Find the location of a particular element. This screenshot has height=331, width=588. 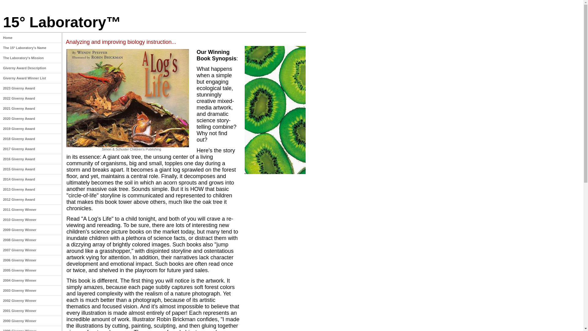

'2017 Giverny Award' is located at coordinates (0, 149).